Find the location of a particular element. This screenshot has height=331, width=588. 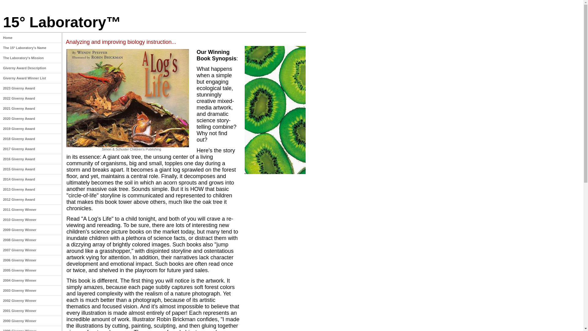

'2017 Giverny Award' is located at coordinates (0, 149).